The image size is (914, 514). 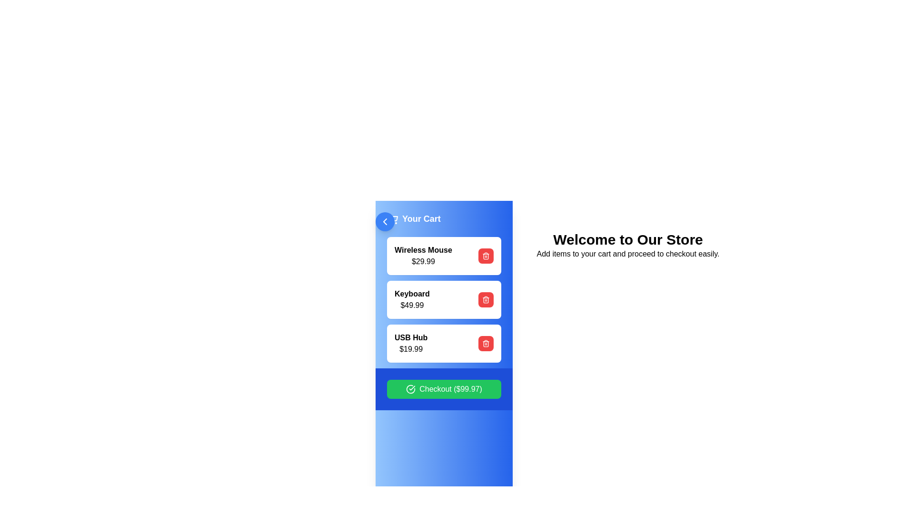 I want to click on price information displayed in the text label located beneath the title 'Keyboard' in the shopping cart section, so click(x=412, y=305).